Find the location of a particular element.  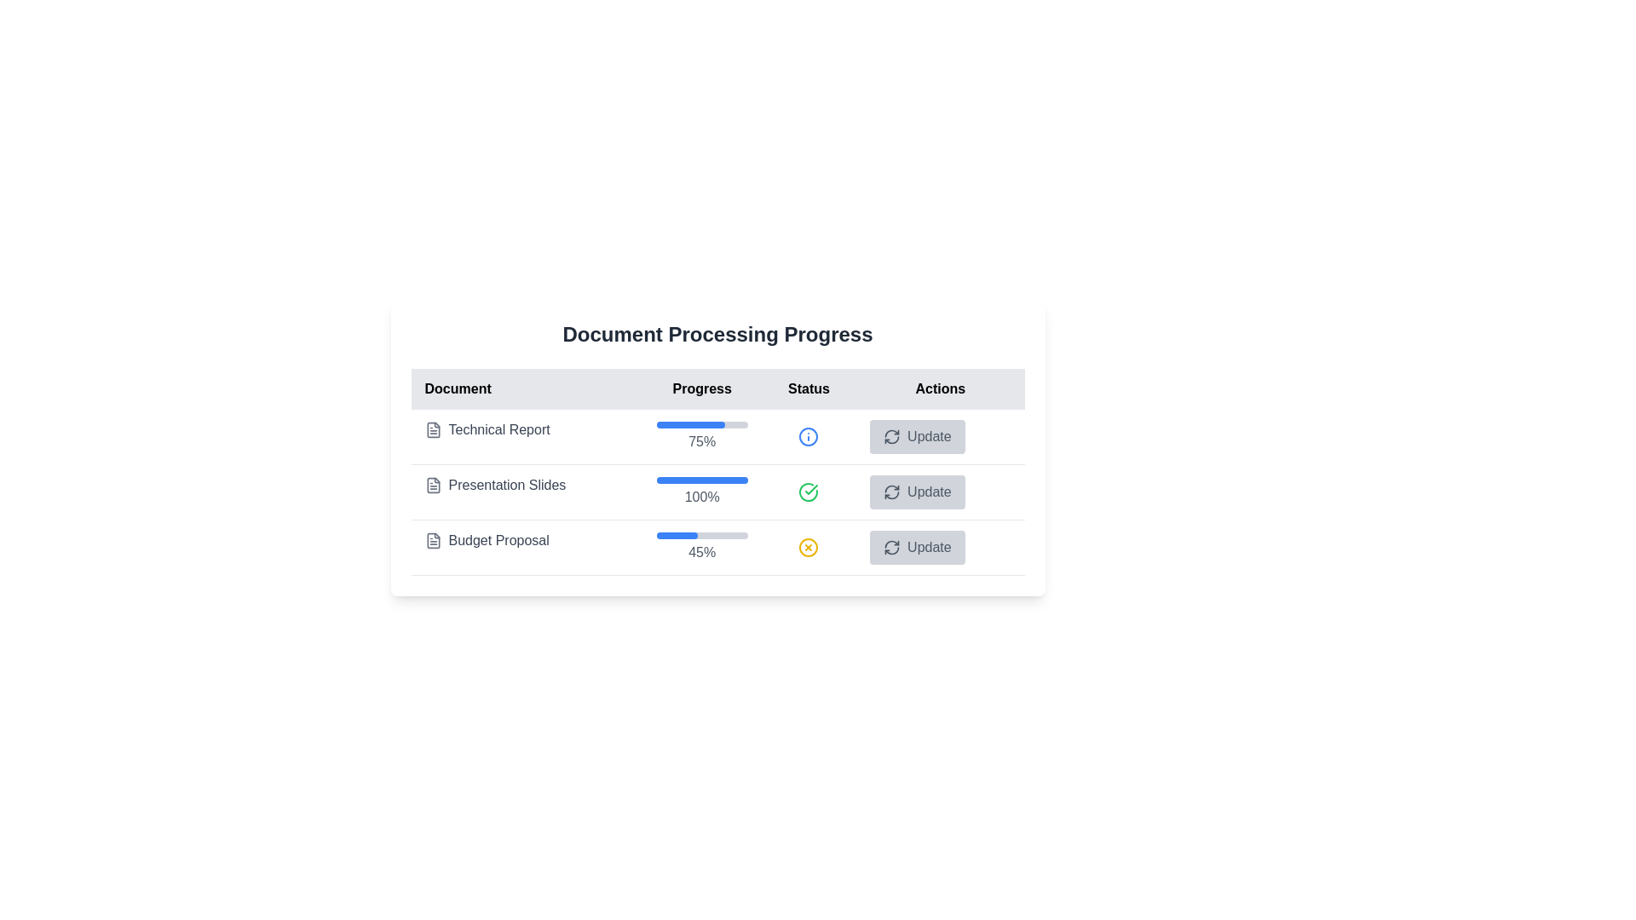

the blue circular Informative Icon with an information symbol located in the 'Status' column of the 'Technical Report' row is located at coordinates (808, 436).